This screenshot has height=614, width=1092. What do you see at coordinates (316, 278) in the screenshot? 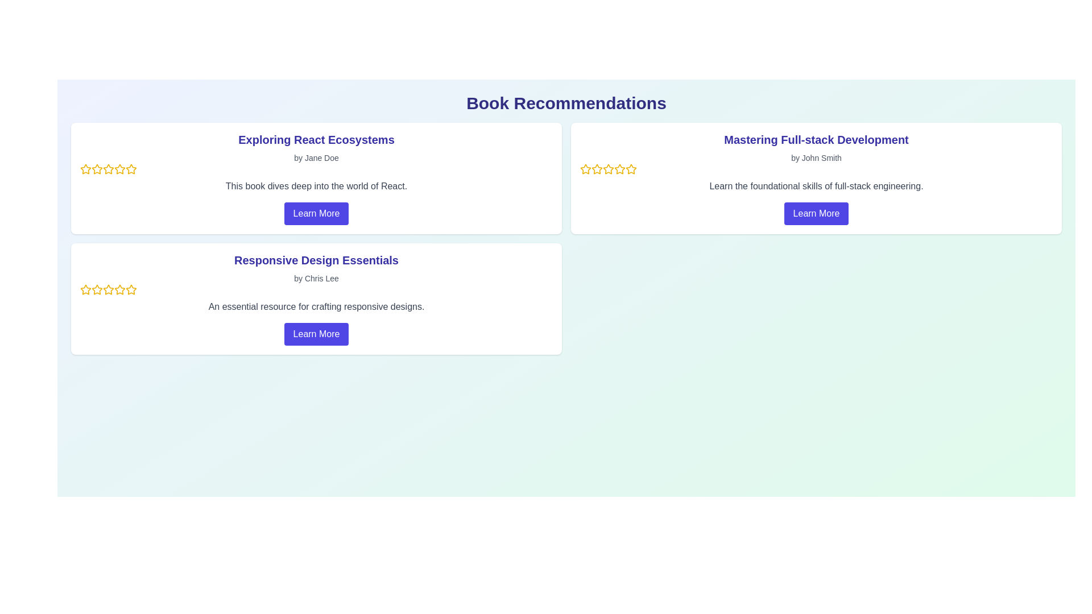
I see `the static text element that credits the author of 'Responsive Design Essentials', located in the second book recommendation card under the 'Book Recommendations' section, positioned below the book title and above the star rating icons` at bounding box center [316, 278].